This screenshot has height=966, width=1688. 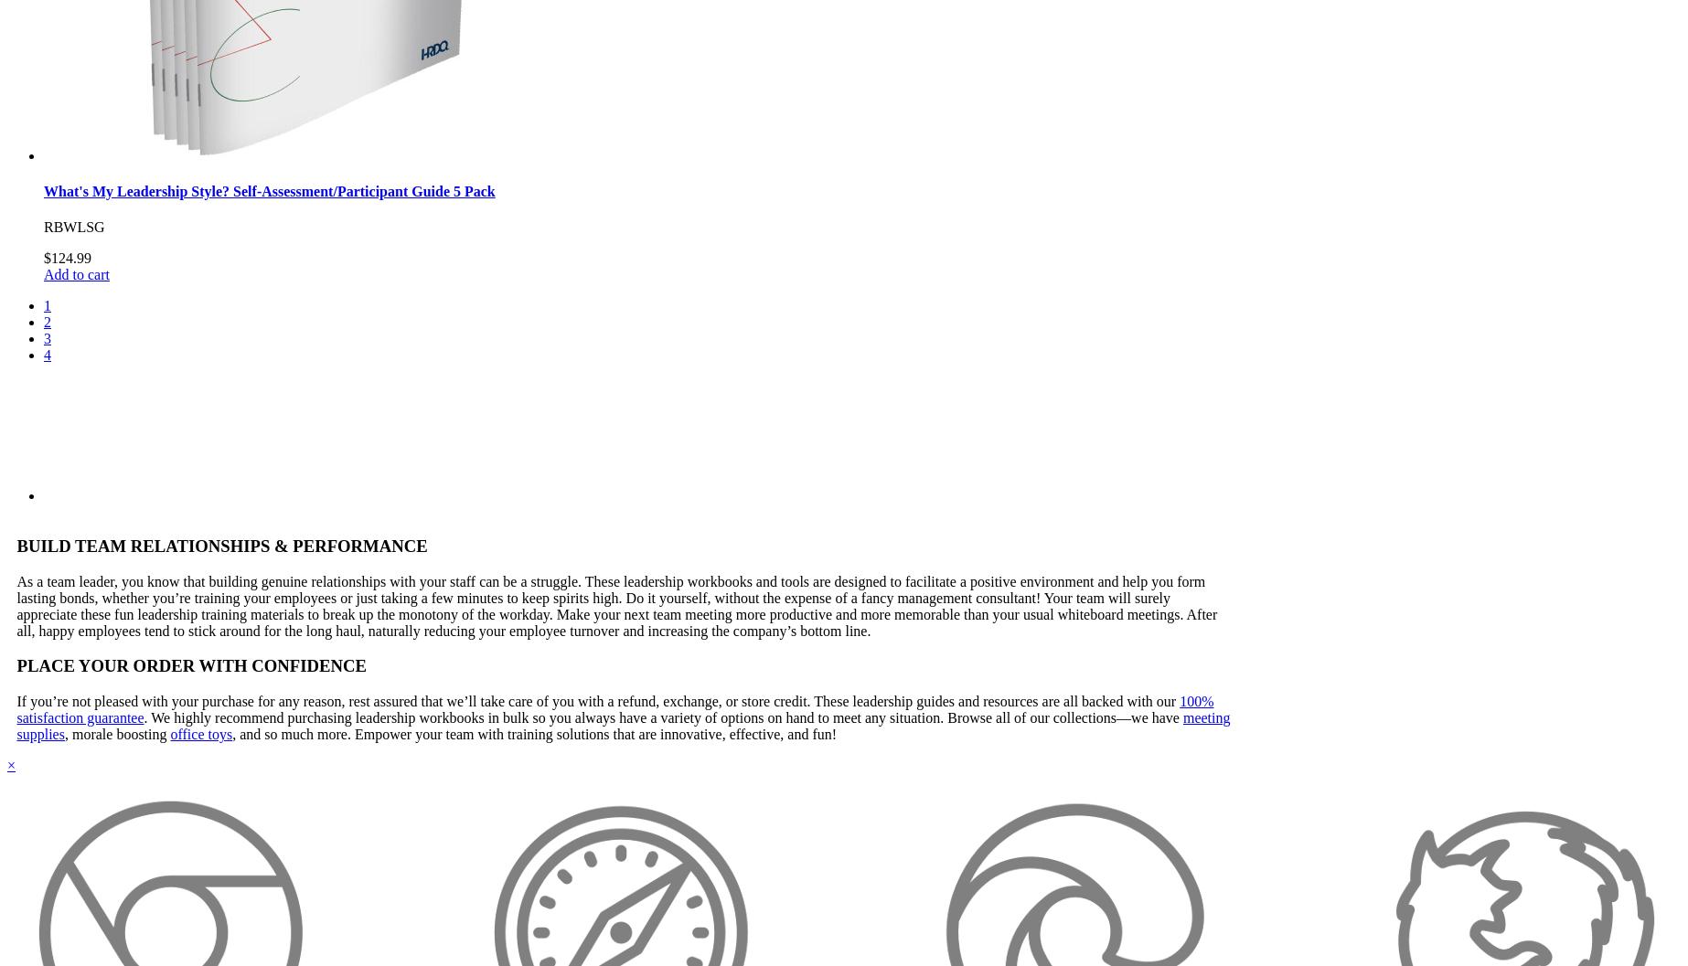 What do you see at coordinates (597, 700) in the screenshot?
I see `'If you’re not pleased with your purchase for any reason, rest assured that we’ll take care of you with a refund, exchange, or store credit. These leadership guides and resources are all backed with our'` at bounding box center [597, 700].